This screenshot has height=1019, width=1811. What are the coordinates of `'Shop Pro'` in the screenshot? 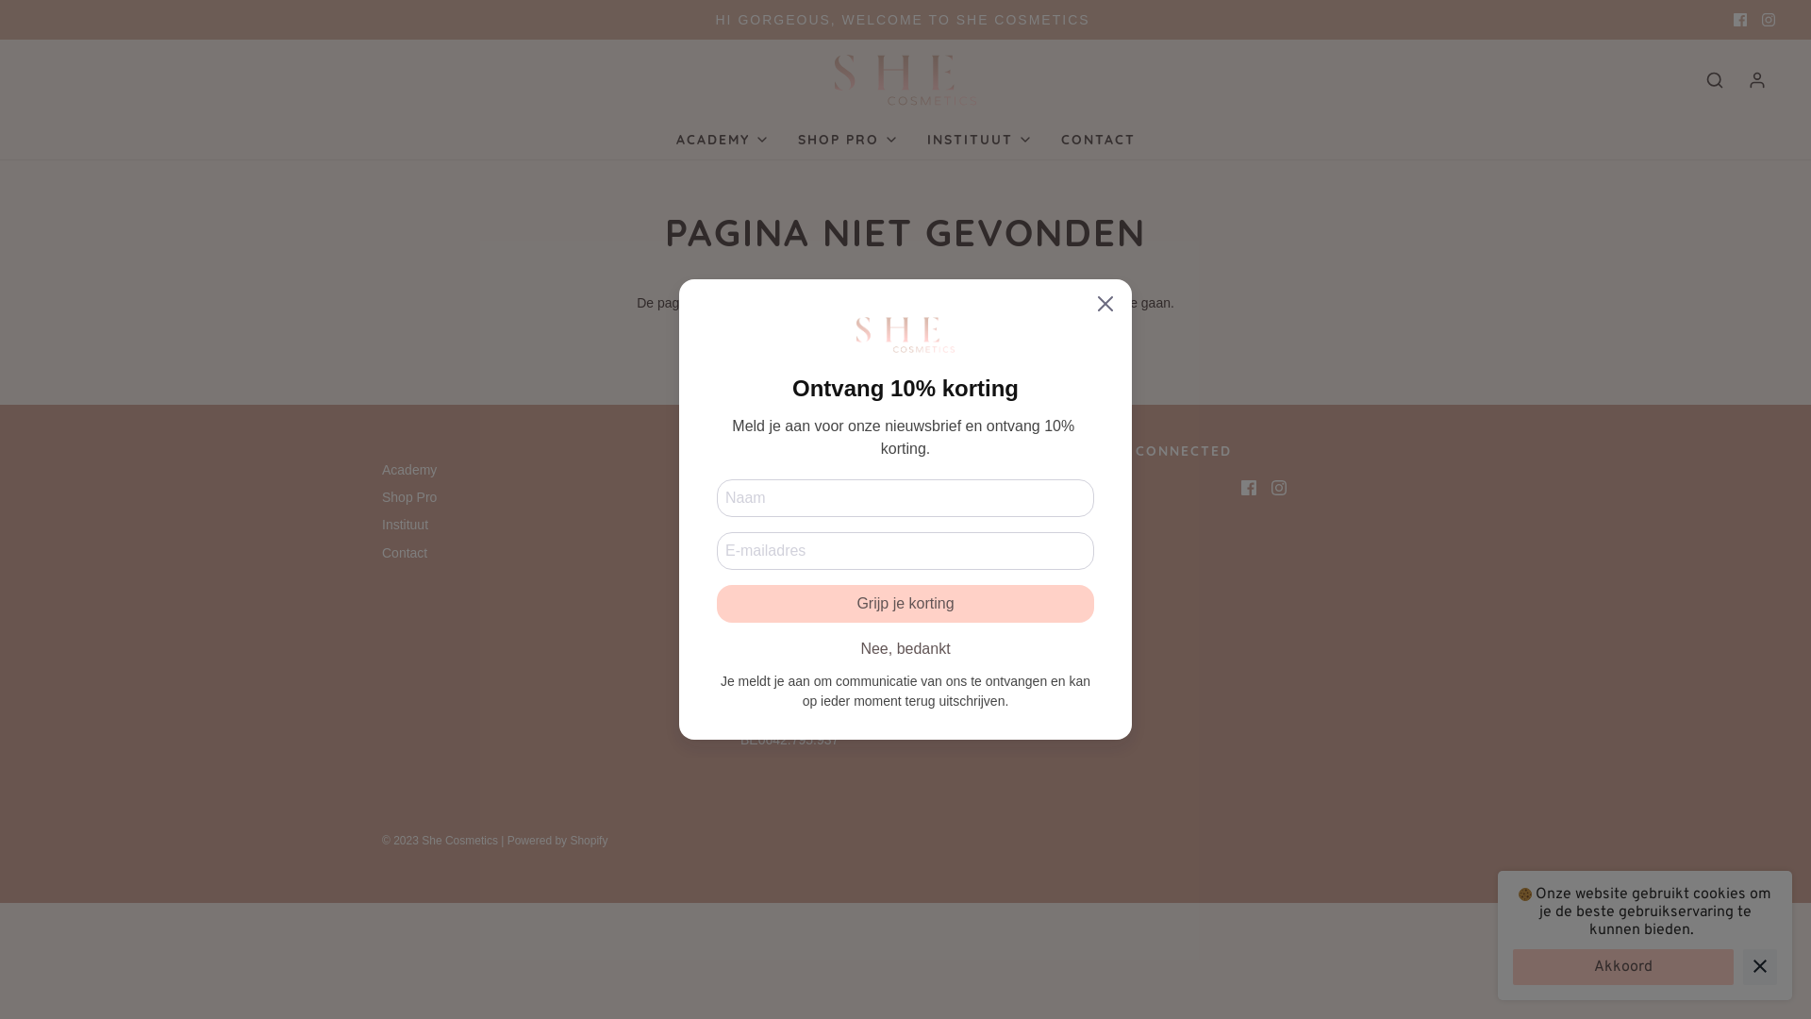 It's located at (407, 499).